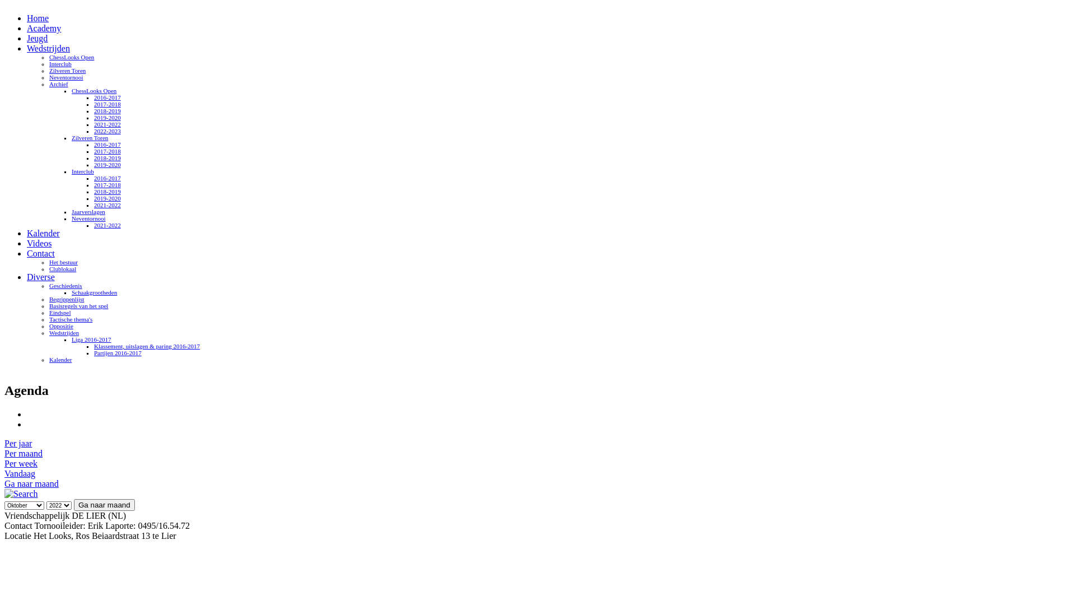  I want to click on 'Schaakgrootheden', so click(94, 291).